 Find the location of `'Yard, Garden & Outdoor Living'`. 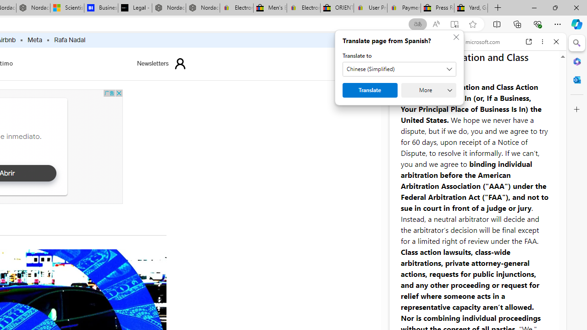

'Yard, Garden & Outdoor Living' is located at coordinates (471, 8).